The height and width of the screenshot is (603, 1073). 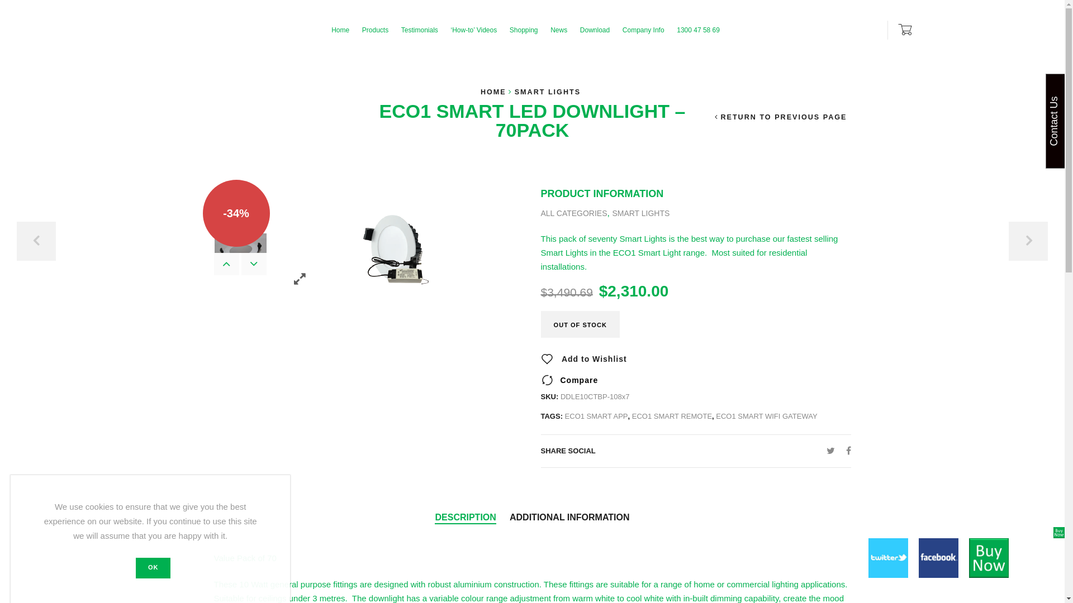 What do you see at coordinates (541, 380) in the screenshot?
I see `'Compare'` at bounding box center [541, 380].